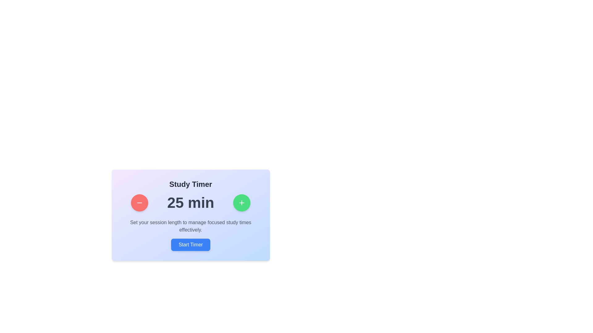  I want to click on the text display reading '25 min', which is prominently styled in a large bold font and located between the red subtraction button and the green addition button, below the title 'Study Timer', so click(190, 203).